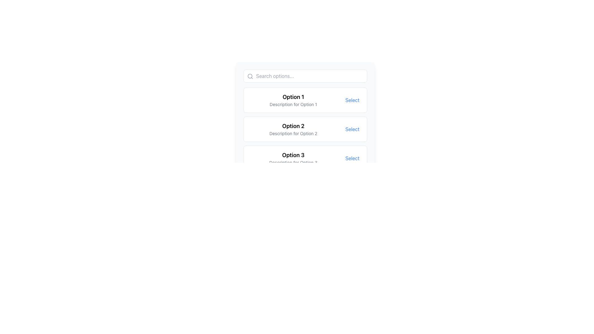  Describe the element at coordinates (293, 155) in the screenshot. I see `the static text element labeled 'Option 3'` at that location.